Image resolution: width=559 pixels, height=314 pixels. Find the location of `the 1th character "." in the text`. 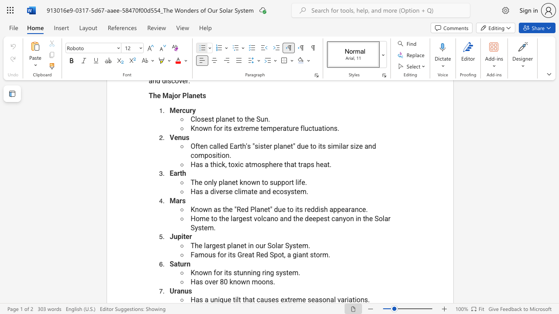

the 1th character "." in the text is located at coordinates (273, 282).